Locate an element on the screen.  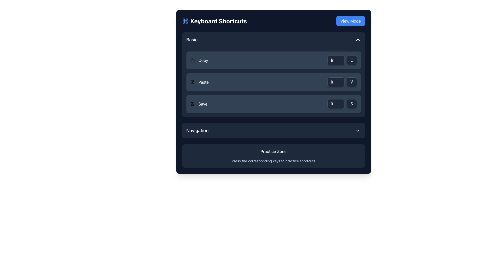
the 'Paste' button element is located at coordinates (273, 82).